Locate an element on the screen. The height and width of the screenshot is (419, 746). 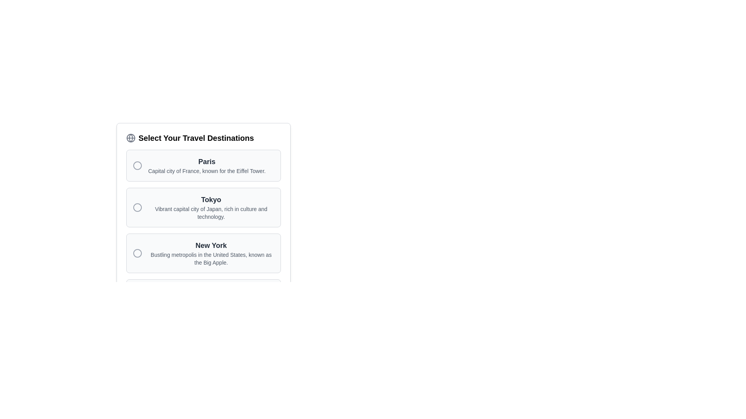
the radio button associated with the destination 'Tokyo' is located at coordinates (137, 207).